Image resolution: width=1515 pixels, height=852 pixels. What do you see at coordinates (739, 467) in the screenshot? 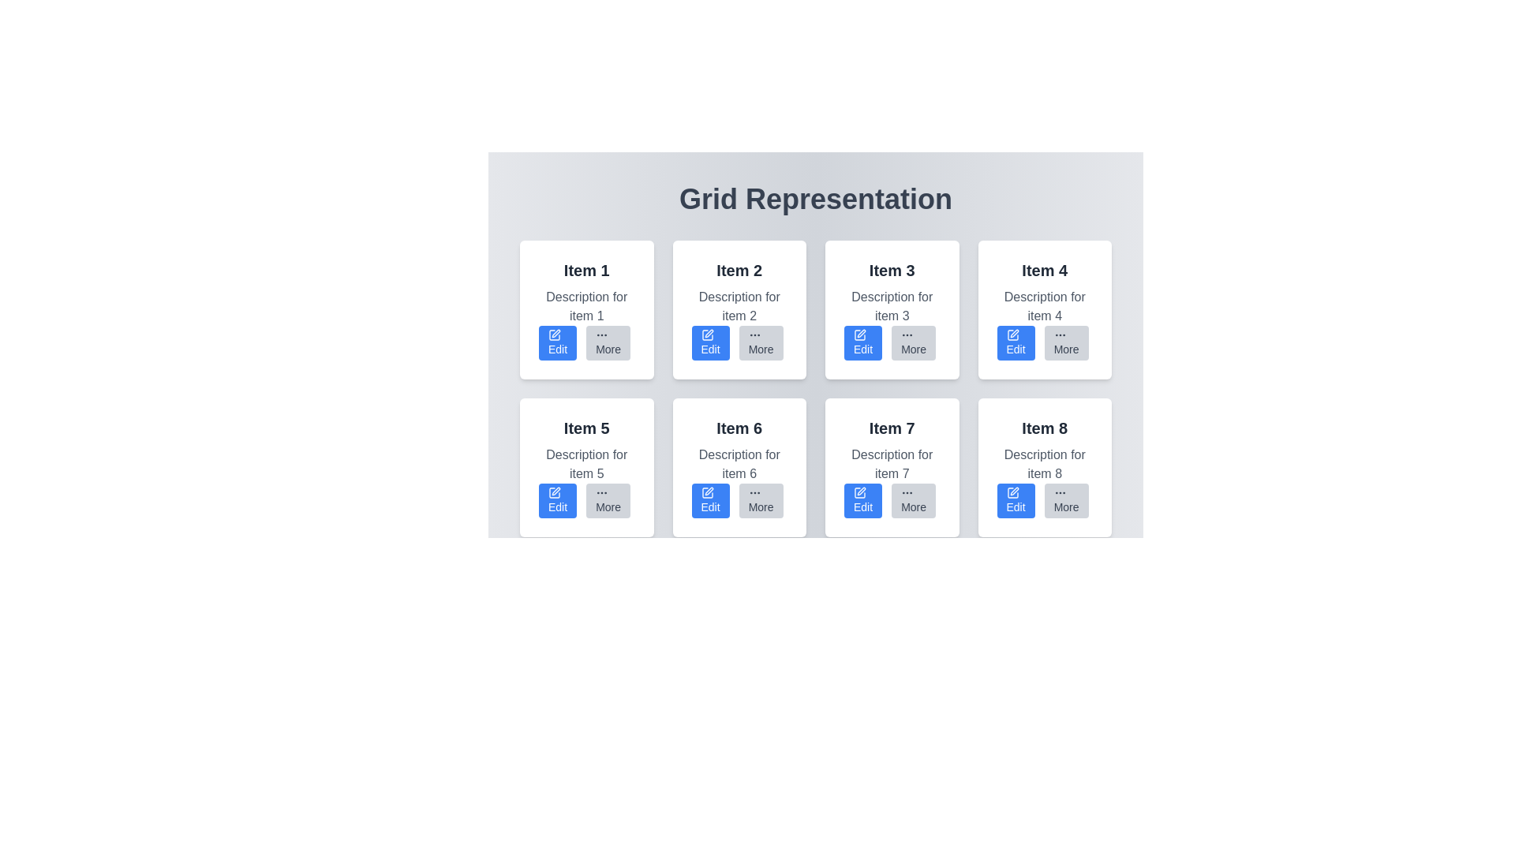
I see `the 'Edit' button located on the card representing a specific item in the middle of the second row of the grid layout` at bounding box center [739, 467].